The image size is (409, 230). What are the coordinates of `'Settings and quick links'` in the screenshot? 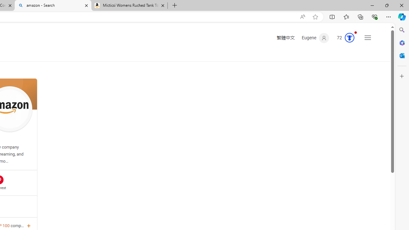 It's located at (367, 38).